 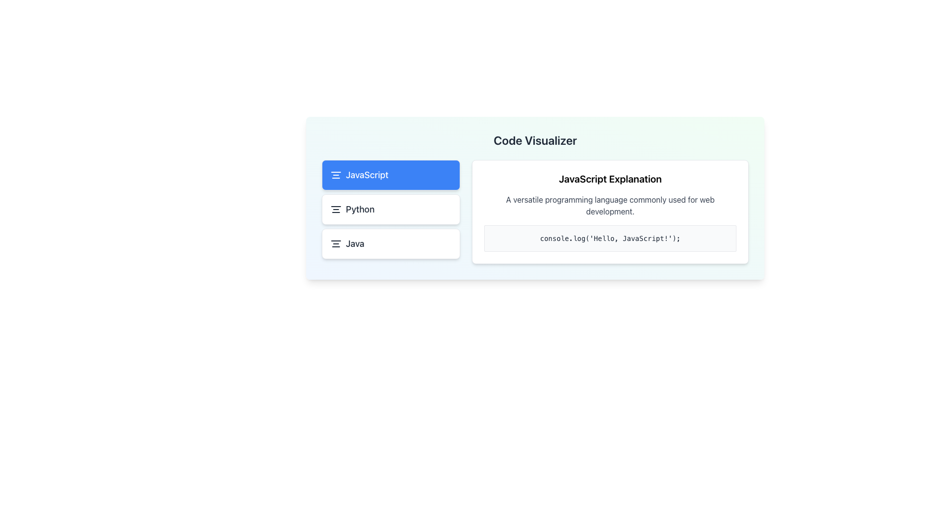 I want to click on the text alignment icon, which resembles three horizontal bars stacked vertically, located to the left of the text 'Python', so click(x=336, y=209).